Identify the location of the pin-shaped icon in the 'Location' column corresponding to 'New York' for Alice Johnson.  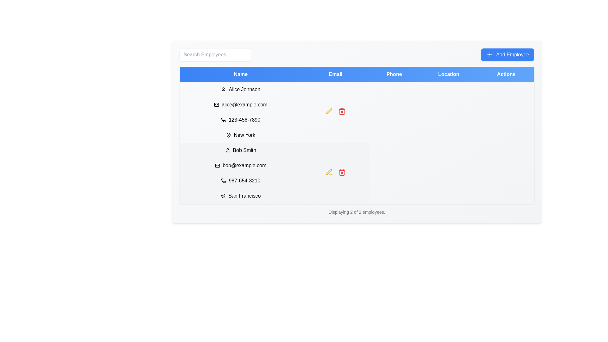
(228, 134).